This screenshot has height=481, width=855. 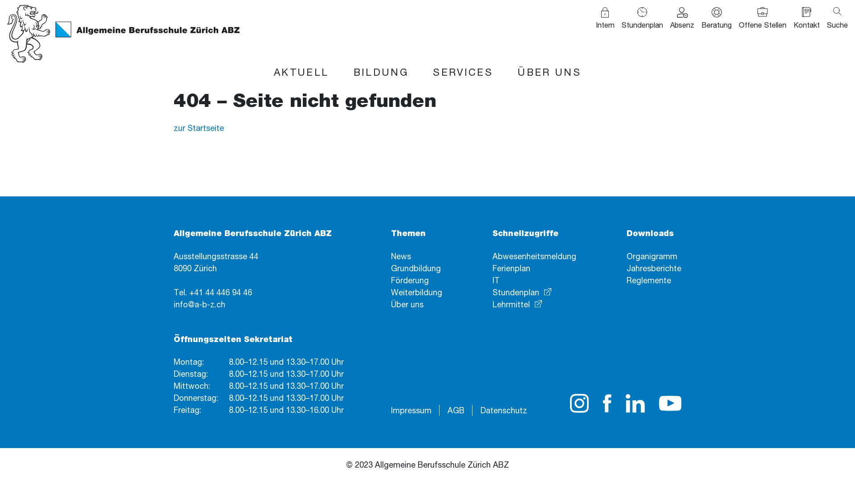 I want to click on 'Datenschutz', so click(x=504, y=410).